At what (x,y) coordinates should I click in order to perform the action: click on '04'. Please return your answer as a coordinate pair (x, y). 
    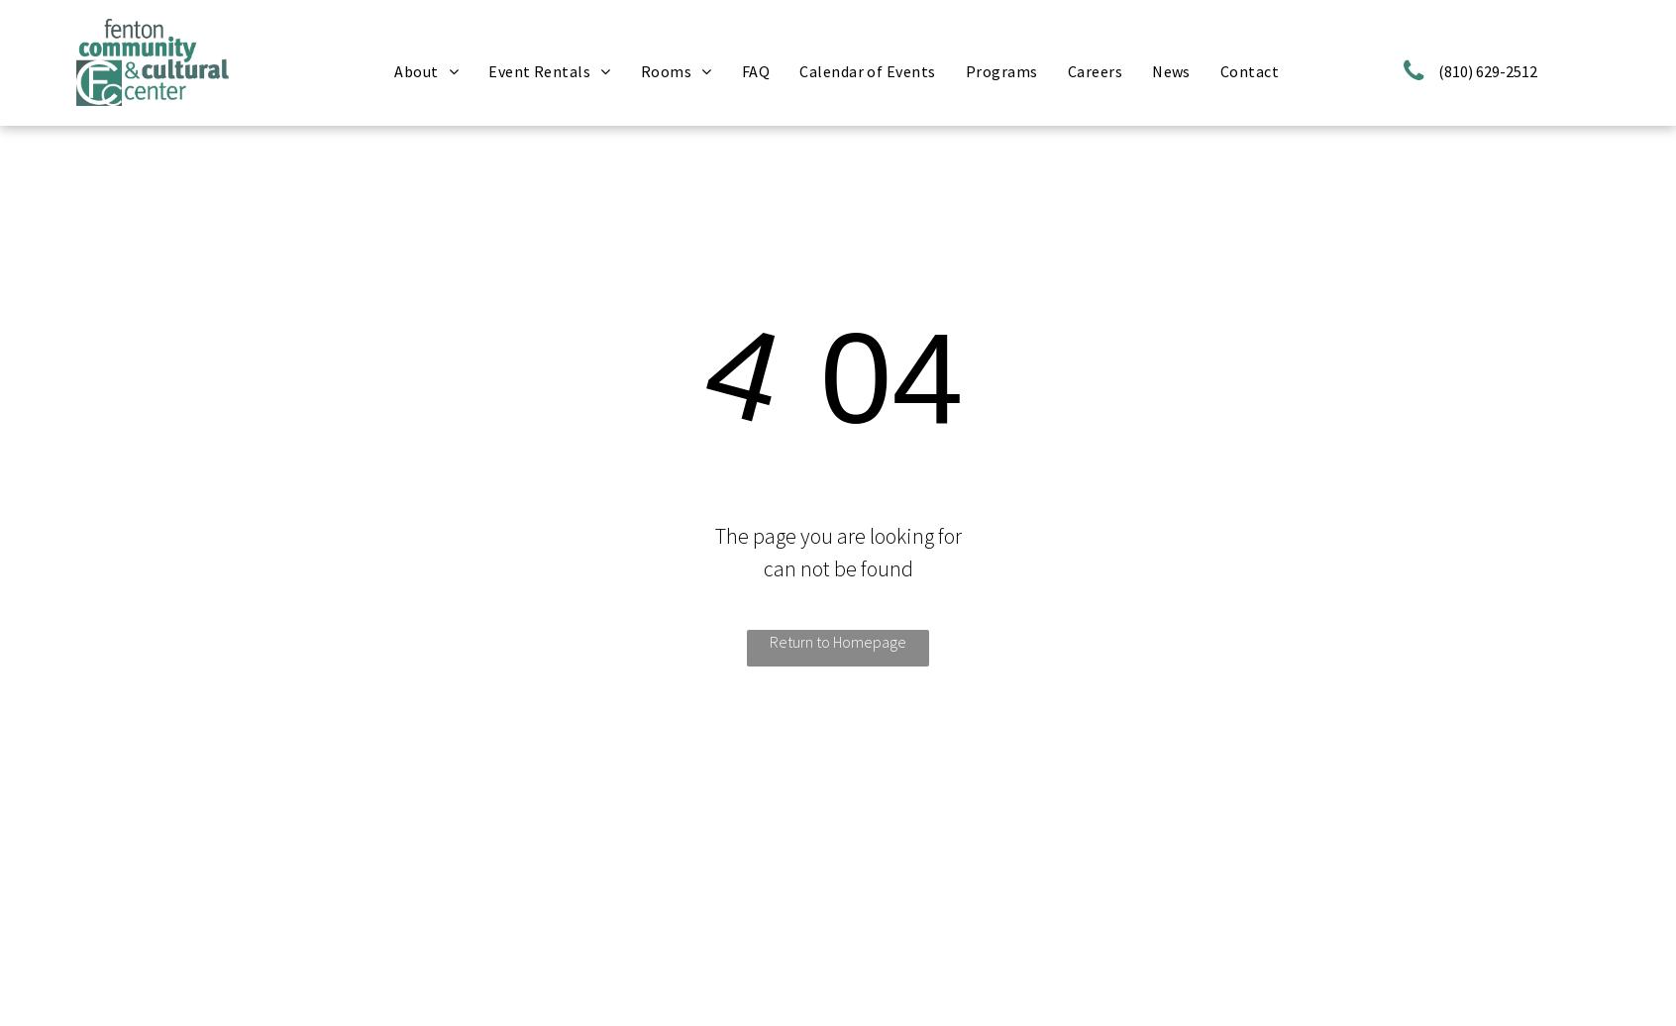
    Looking at the image, I should click on (872, 377).